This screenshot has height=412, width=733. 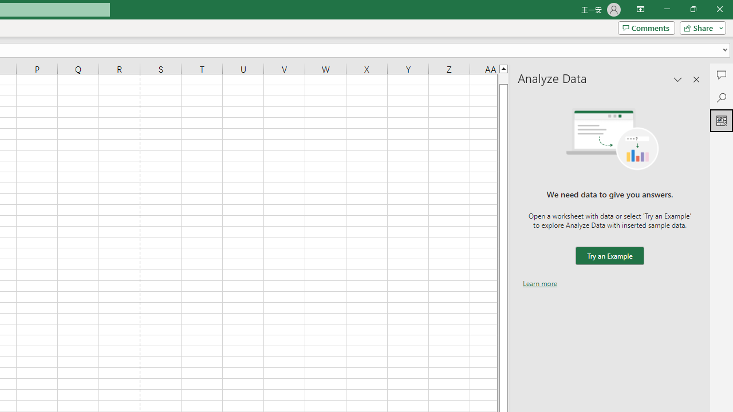 I want to click on 'Learn more', so click(x=539, y=283).